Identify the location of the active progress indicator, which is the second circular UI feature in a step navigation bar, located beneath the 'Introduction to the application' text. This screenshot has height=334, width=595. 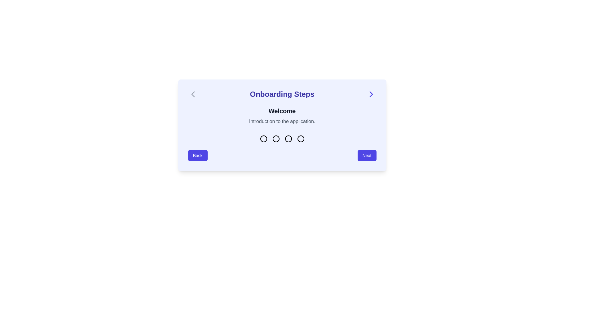
(275, 138).